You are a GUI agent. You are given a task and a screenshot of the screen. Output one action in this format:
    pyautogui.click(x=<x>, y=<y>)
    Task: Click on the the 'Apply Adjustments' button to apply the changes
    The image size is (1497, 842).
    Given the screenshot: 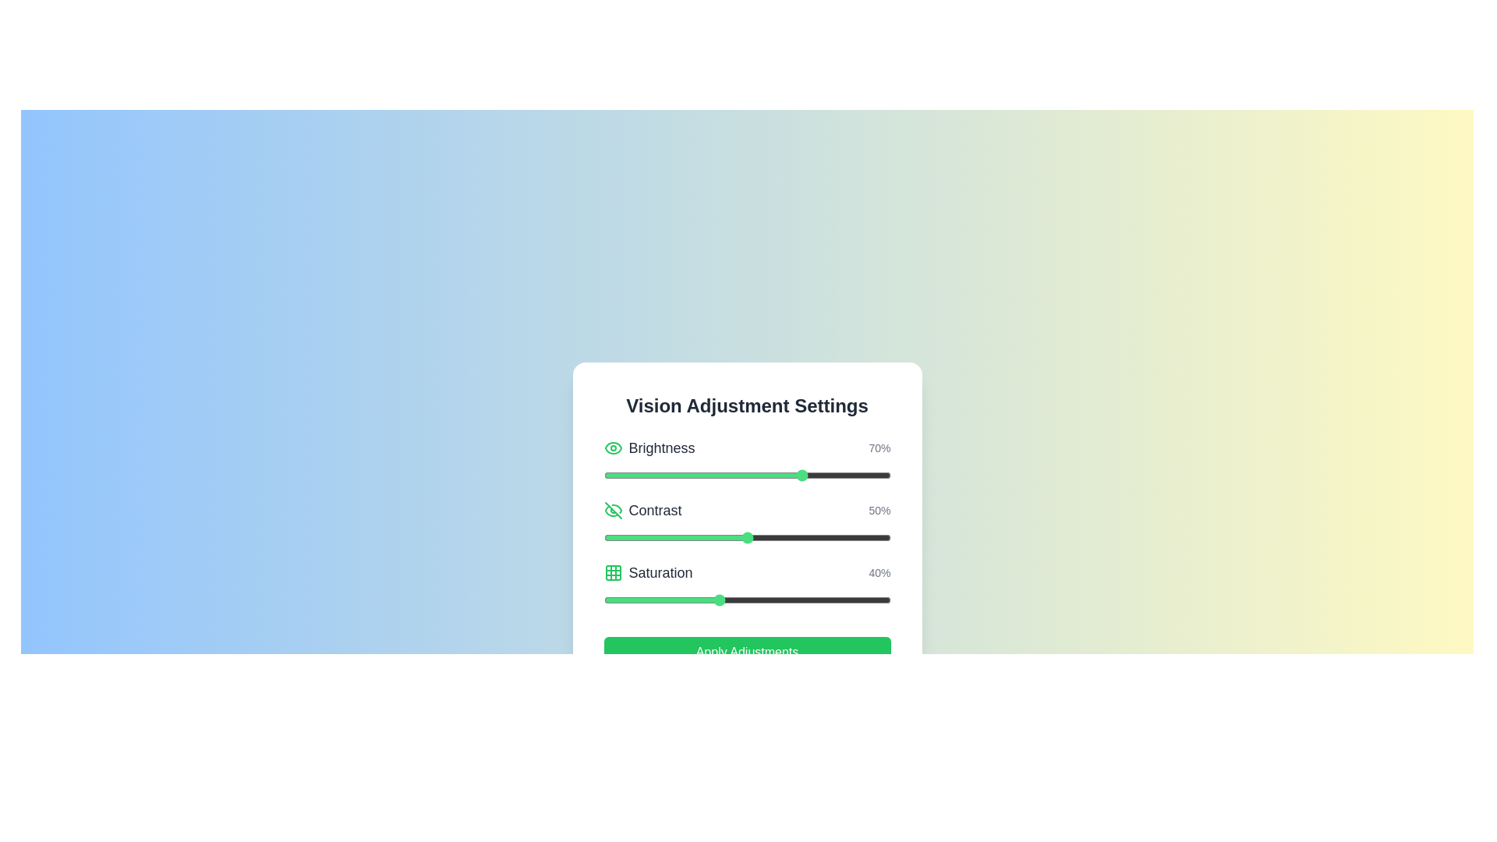 What is the action you would take?
    pyautogui.click(x=746, y=653)
    